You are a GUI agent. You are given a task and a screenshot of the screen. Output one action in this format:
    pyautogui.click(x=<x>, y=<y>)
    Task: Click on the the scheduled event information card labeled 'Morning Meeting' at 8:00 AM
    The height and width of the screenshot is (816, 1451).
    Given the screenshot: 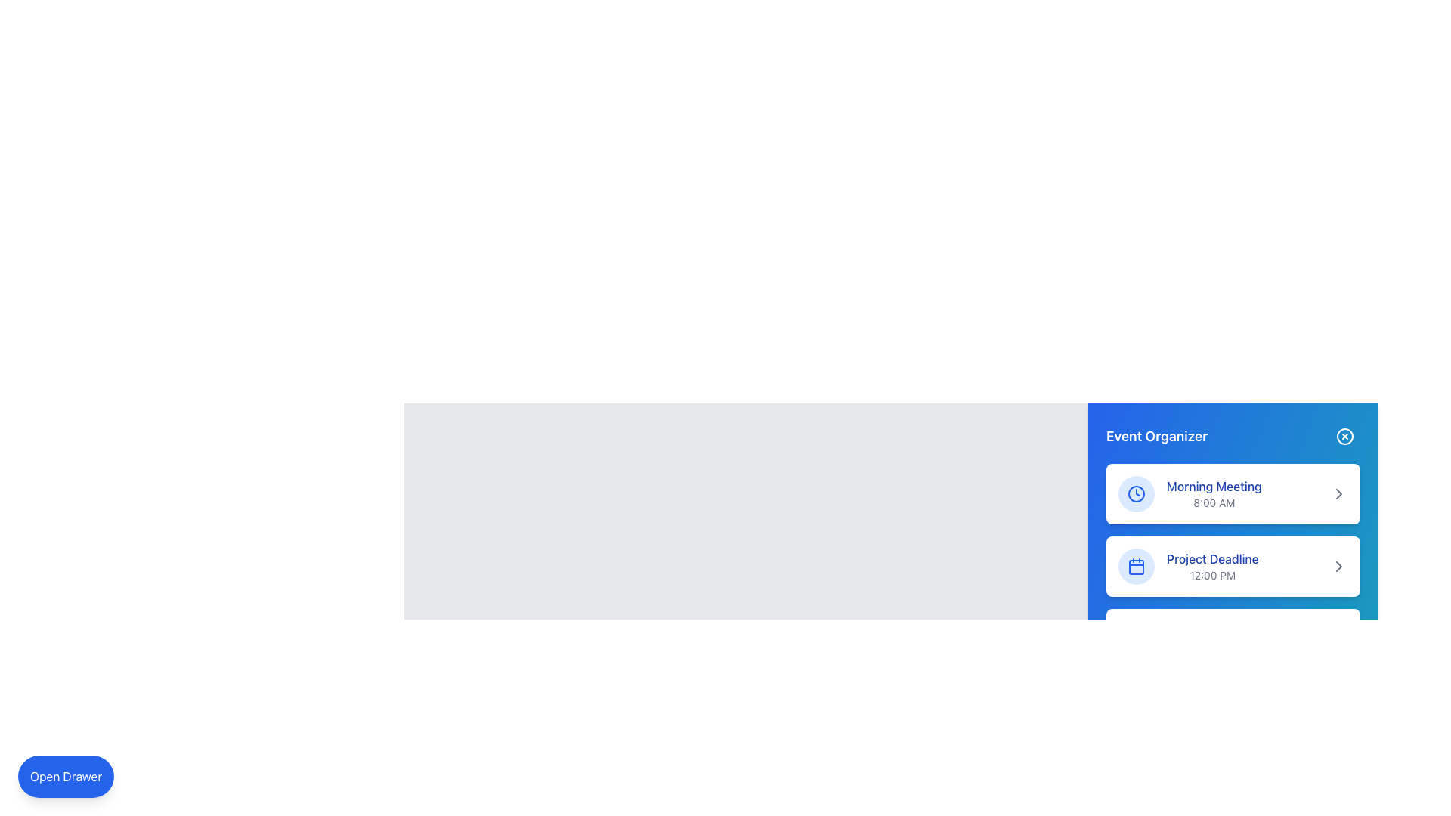 What is the action you would take?
    pyautogui.click(x=1233, y=494)
    